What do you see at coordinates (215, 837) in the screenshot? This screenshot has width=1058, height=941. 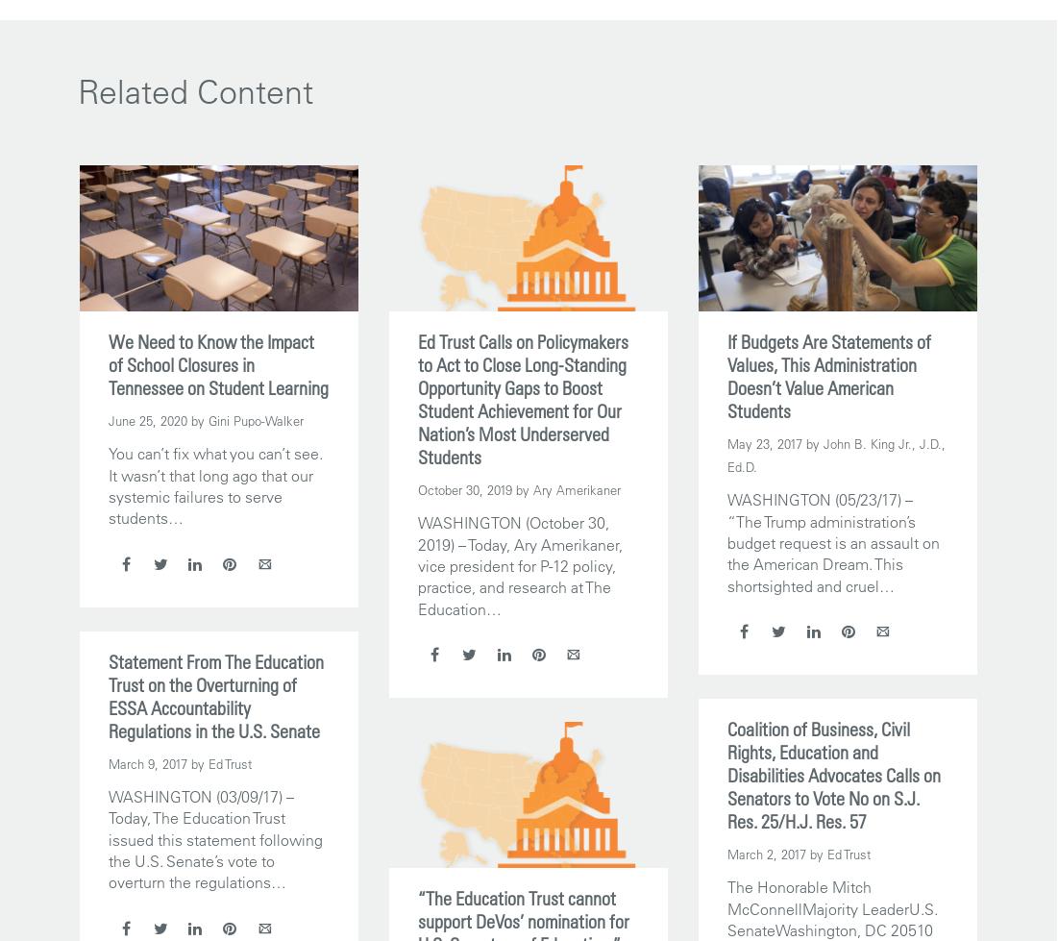 I see `'WASHINGTON (03/09/17) – Today, The Education Trust issued this statement following the U.S. Senate’s vote to overturn the regulations…'` at bounding box center [215, 837].